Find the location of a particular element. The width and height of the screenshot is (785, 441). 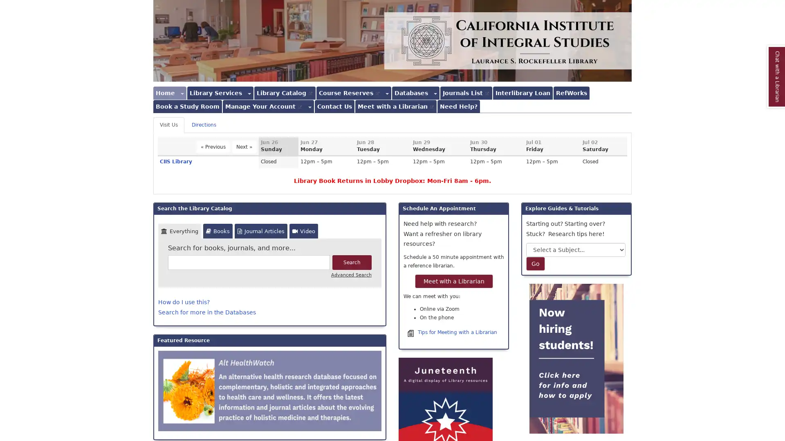

Next is located at coordinates (244, 146).